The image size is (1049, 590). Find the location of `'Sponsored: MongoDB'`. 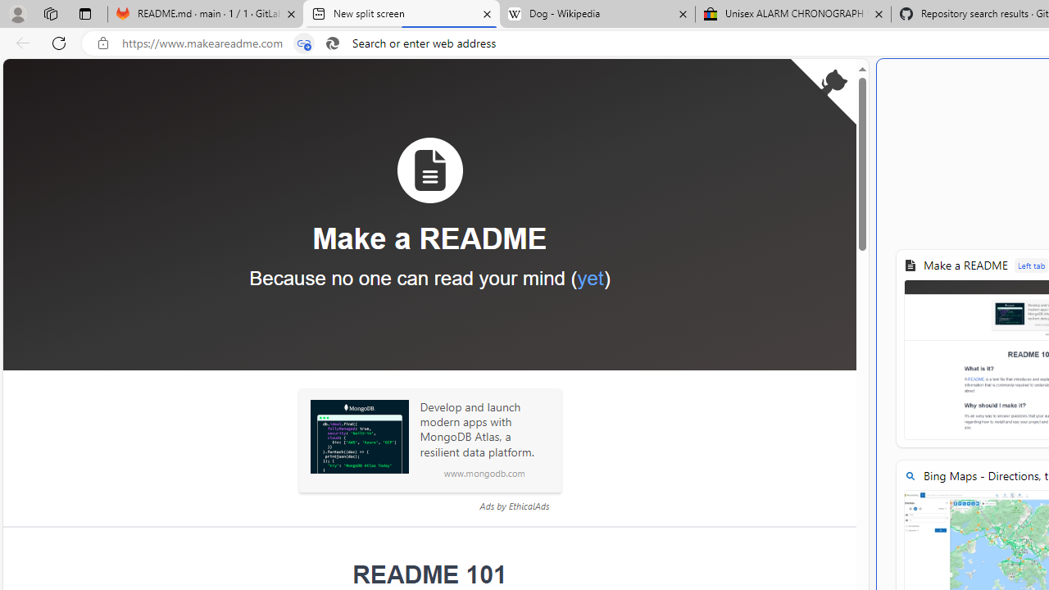

'Sponsored: MongoDB' is located at coordinates (358, 436).